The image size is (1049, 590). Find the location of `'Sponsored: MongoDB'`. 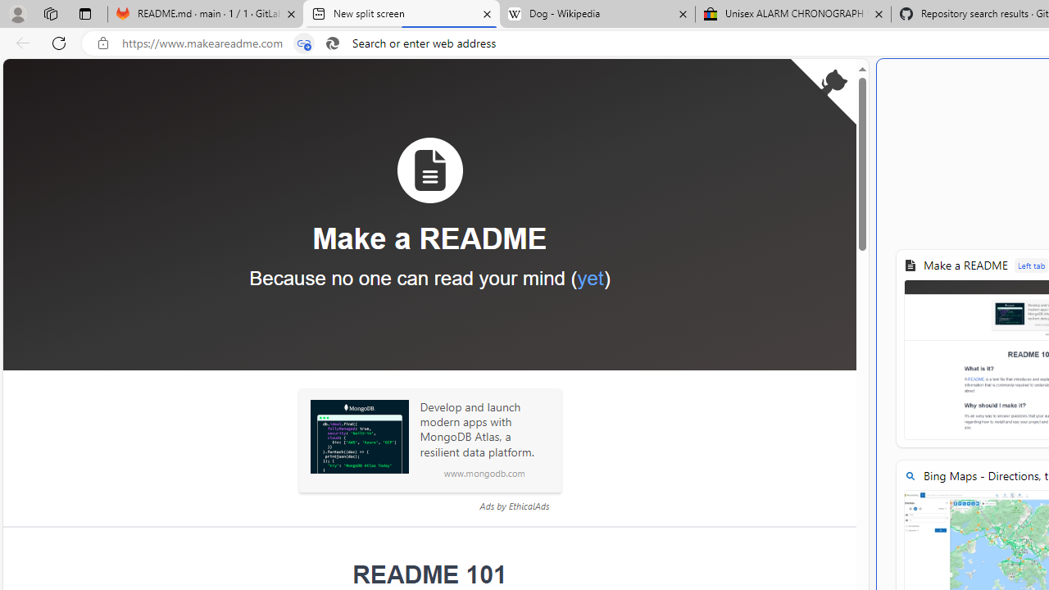

'Sponsored: MongoDB' is located at coordinates (358, 436).